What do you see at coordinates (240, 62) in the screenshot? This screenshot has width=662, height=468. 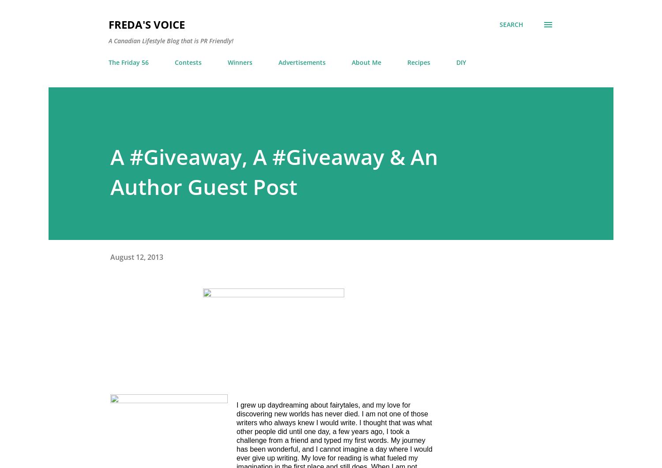 I see `'Winners'` at bounding box center [240, 62].